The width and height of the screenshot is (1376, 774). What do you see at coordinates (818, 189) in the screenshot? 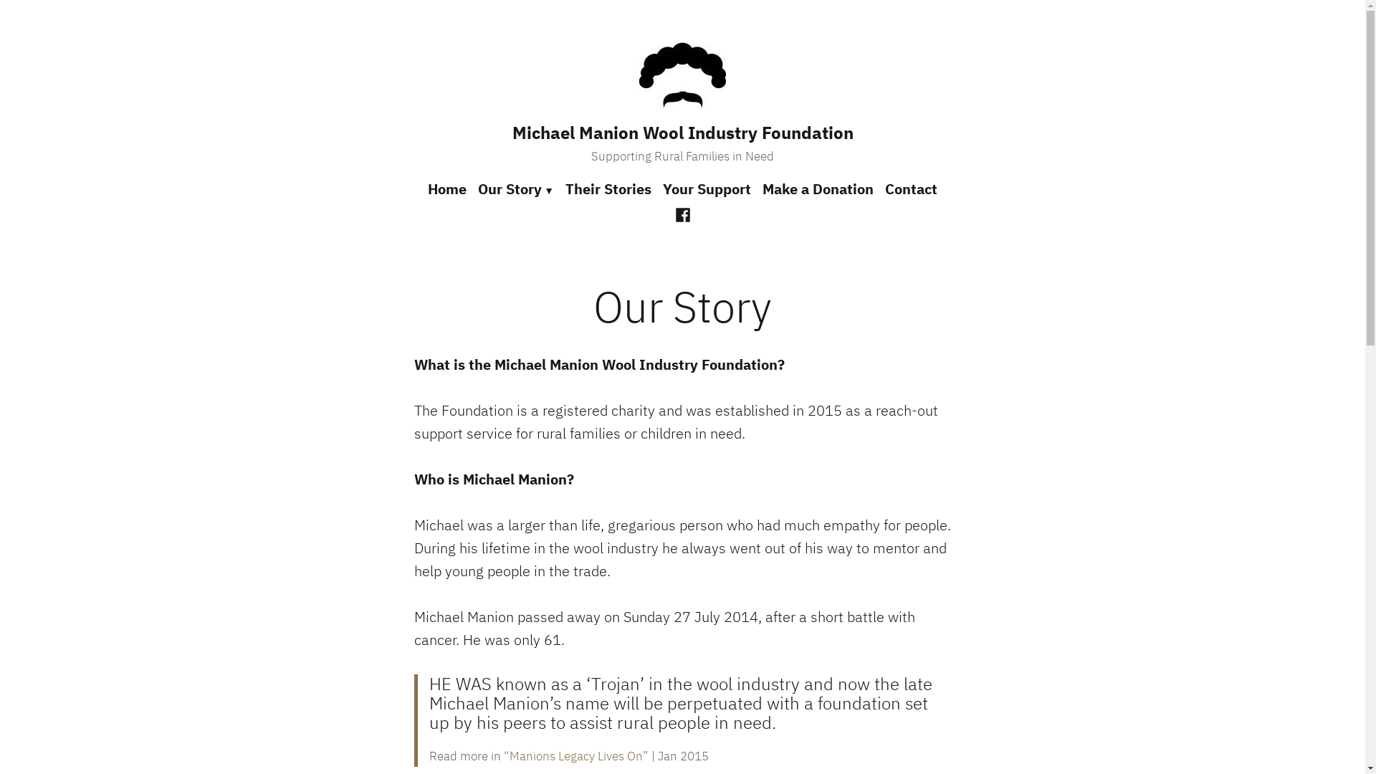
I see `'Make a Donation'` at bounding box center [818, 189].